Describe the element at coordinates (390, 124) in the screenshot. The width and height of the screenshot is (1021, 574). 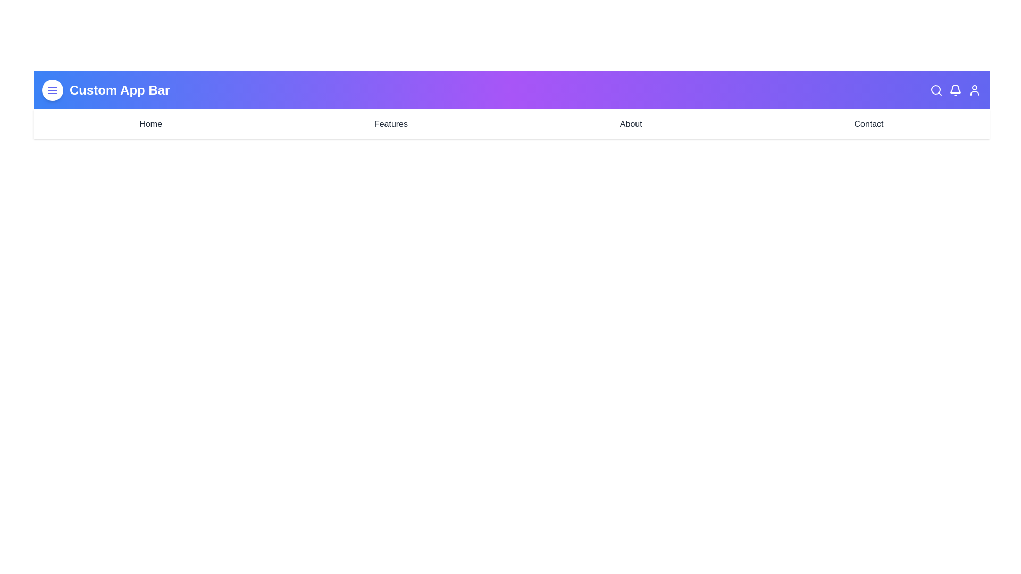
I see `the navigation link labeled Features` at that location.